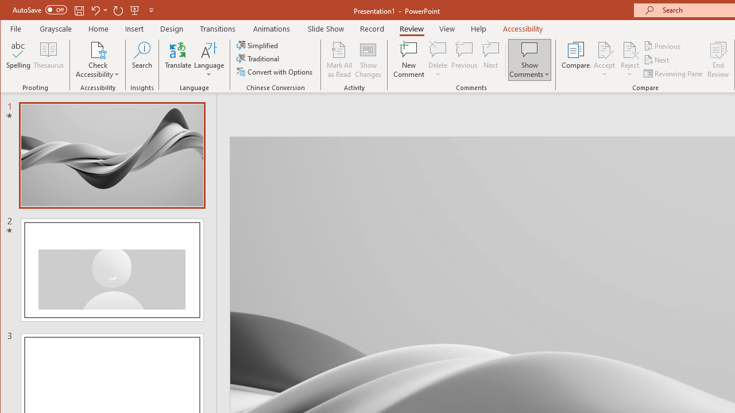 The image size is (735, 413). I want to click on 'Check Accessibility', so click(98, 49).